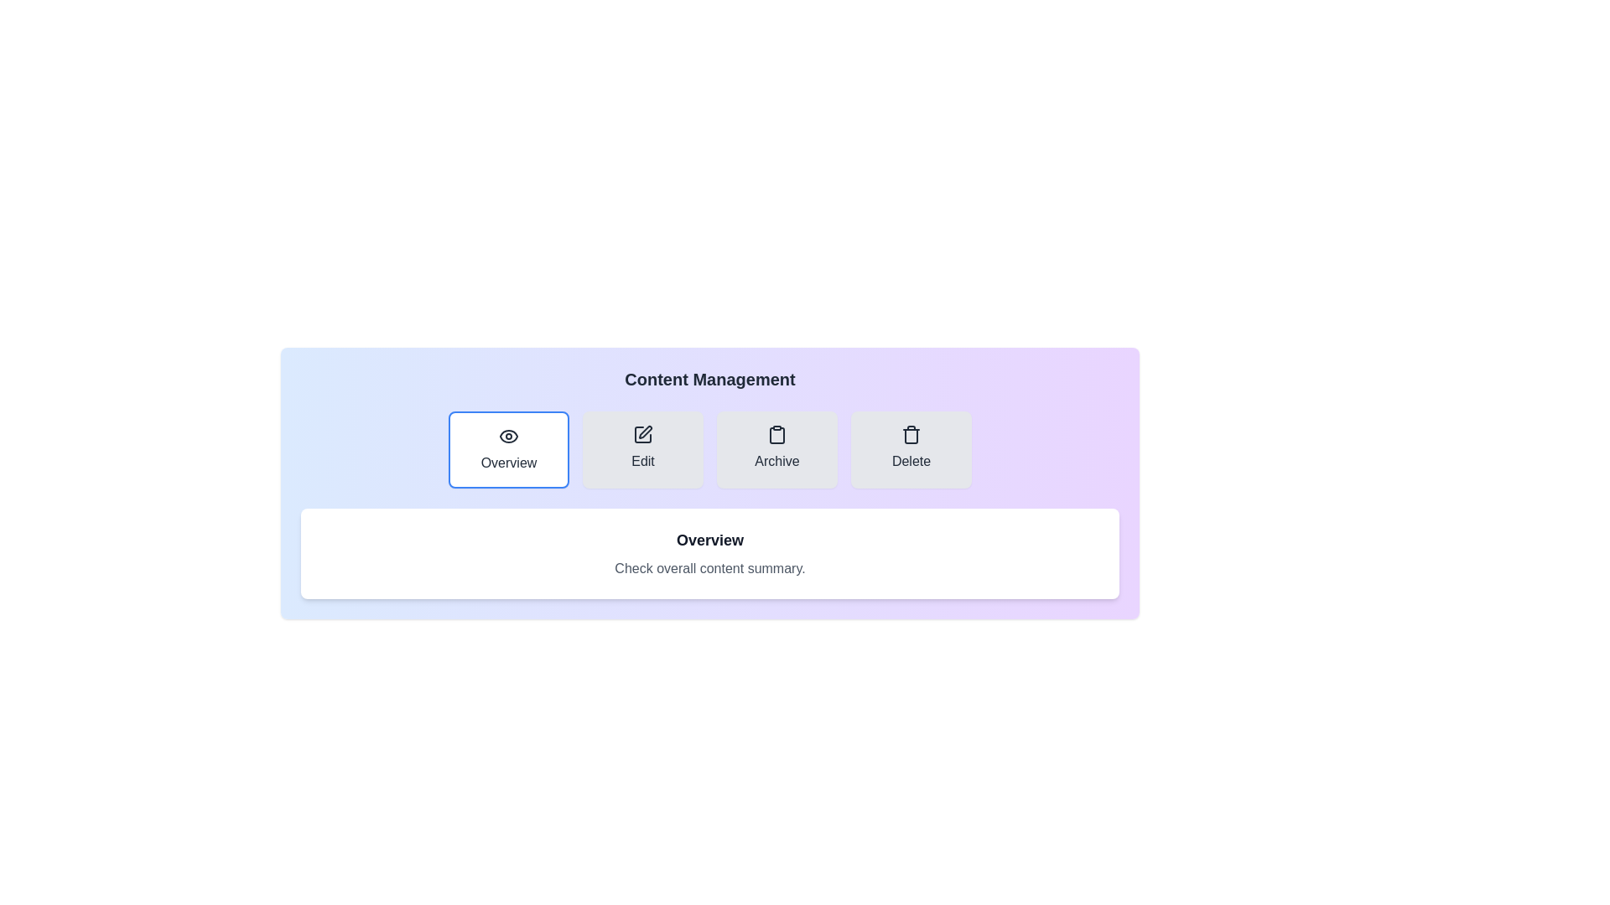  Describe the element at coordinates (776, 448) in the screenshot. I see `the tab labeled Archive to preview its interaction effect` at that location.